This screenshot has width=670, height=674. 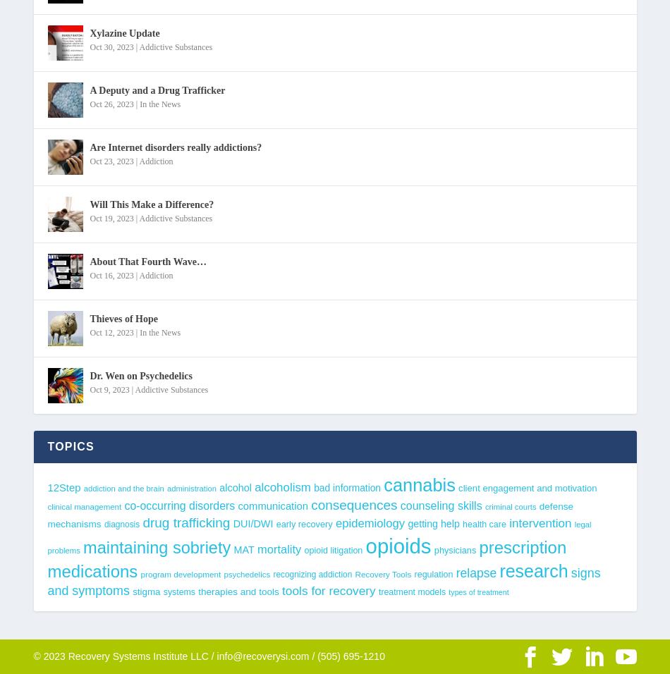 What do you see at coordinates (478, 592) in the screenshot?
I see `'types of treatment'` at bounding box center [478, 592].